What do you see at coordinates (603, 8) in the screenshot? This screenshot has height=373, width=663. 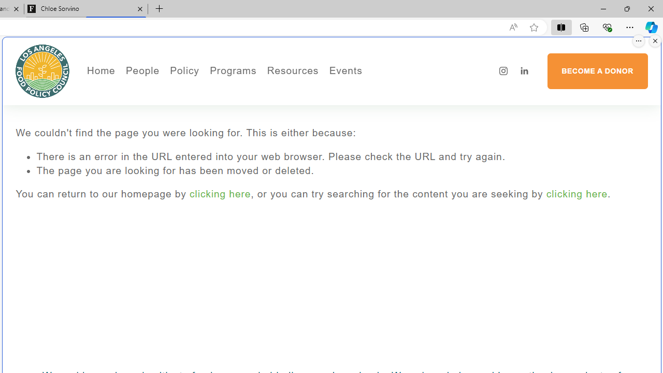 I see `'Minimize'` at bounding box center [603, 8].